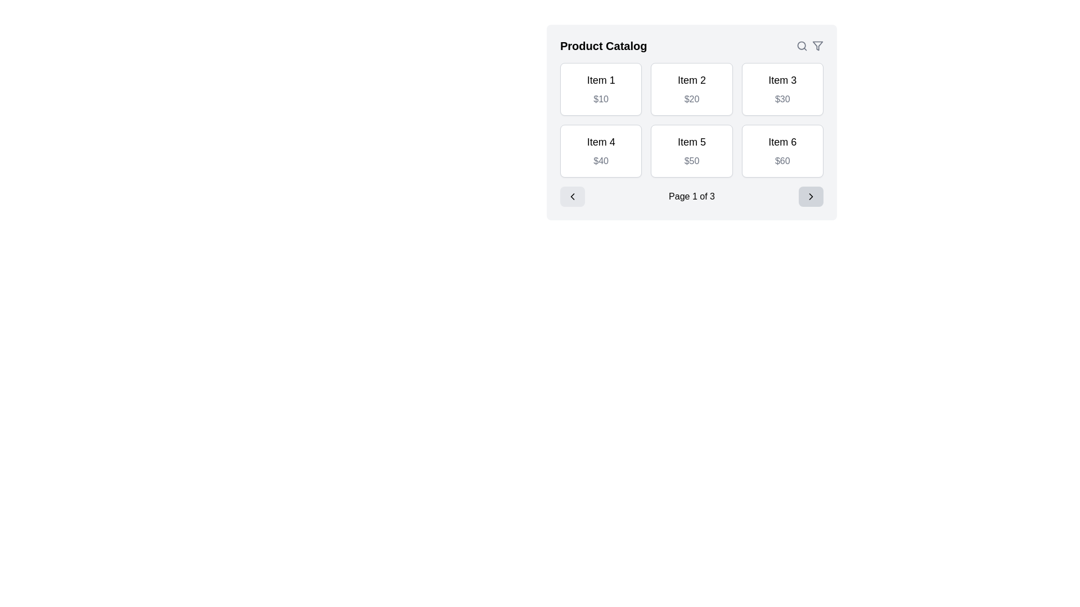  What do you see at coordinates (782, 99) in the screenshot?
I see `the text label indicating the price of 'Item 3', which is located below the title within the third card of the product catalog` at bounding box center [782, 99].